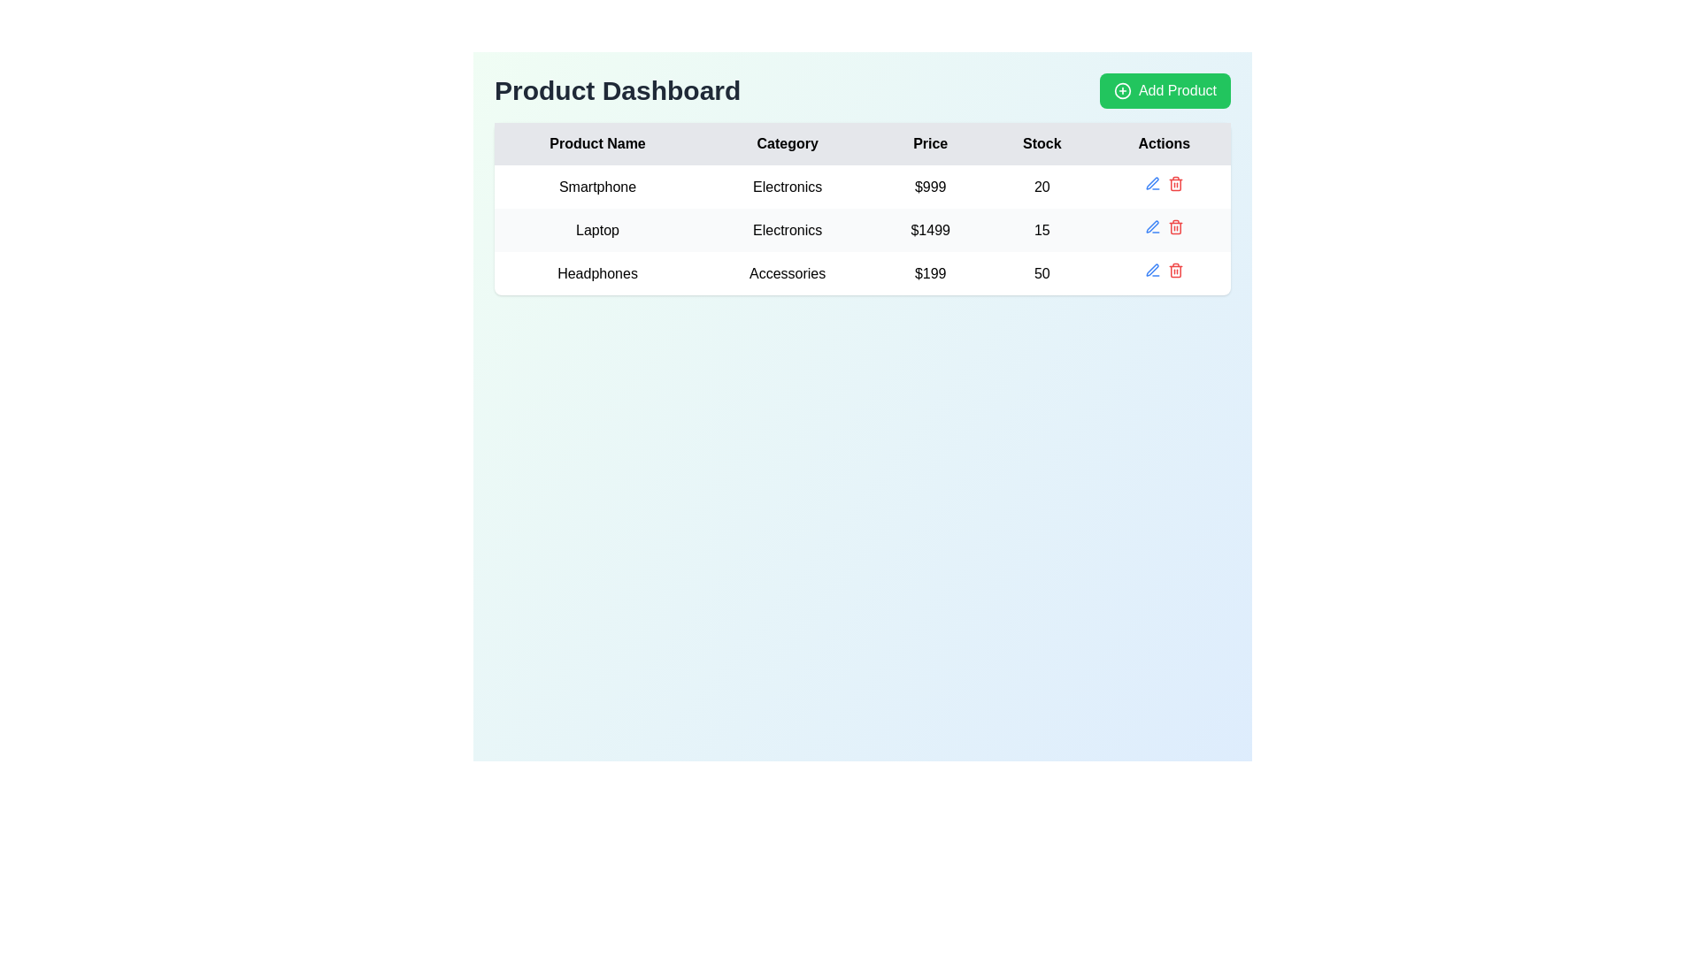 This screenshot has height=955, width=1699. Describe the element at coordinates (1042, 229) in the screenshot. I see `the static text displaying '15' in the 'Stock' column of the second row for the 'Laptop' product` at that location.